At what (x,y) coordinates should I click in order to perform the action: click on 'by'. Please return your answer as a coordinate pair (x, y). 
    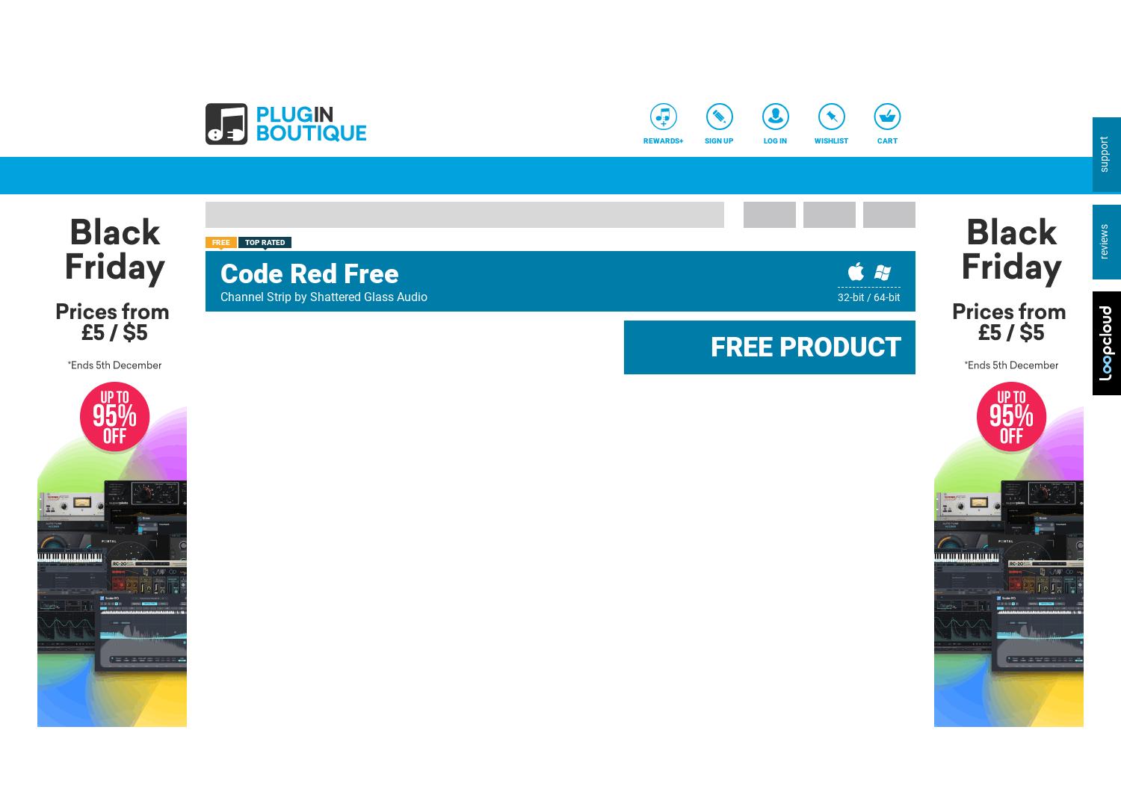
    Looking at the image, I should click on (300, 296).